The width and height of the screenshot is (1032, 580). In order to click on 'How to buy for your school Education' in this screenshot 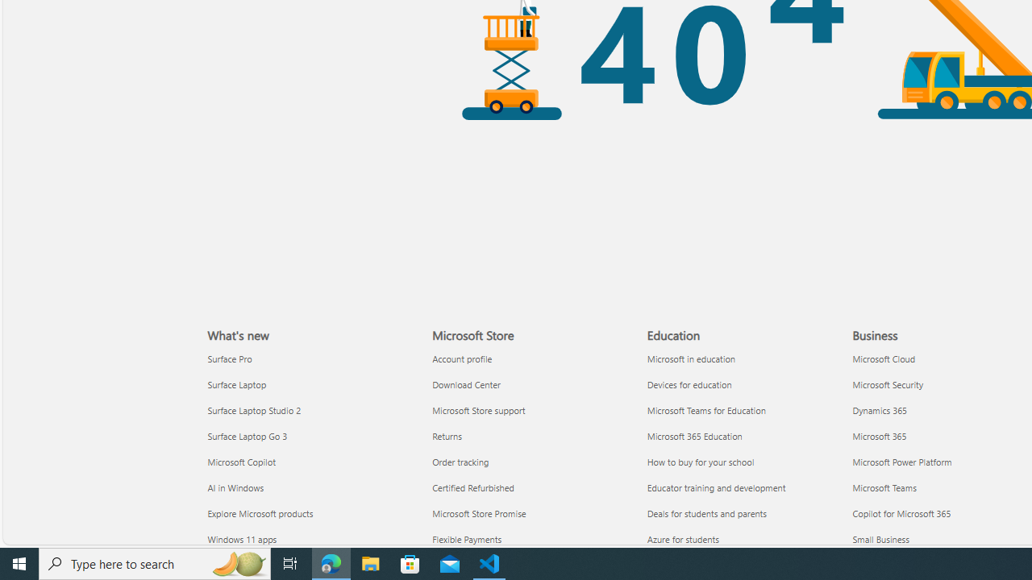, I will do `click(701, 462)`.